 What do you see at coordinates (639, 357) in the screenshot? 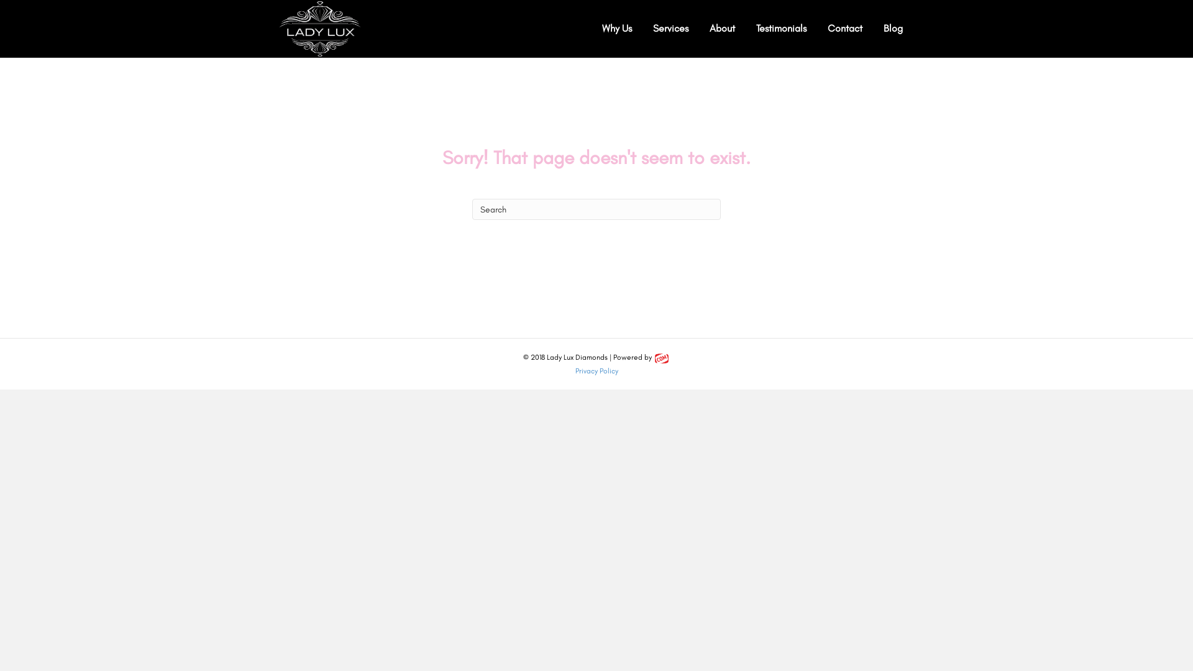
I see `'| Powered by'` at bounding box center [639, 357].